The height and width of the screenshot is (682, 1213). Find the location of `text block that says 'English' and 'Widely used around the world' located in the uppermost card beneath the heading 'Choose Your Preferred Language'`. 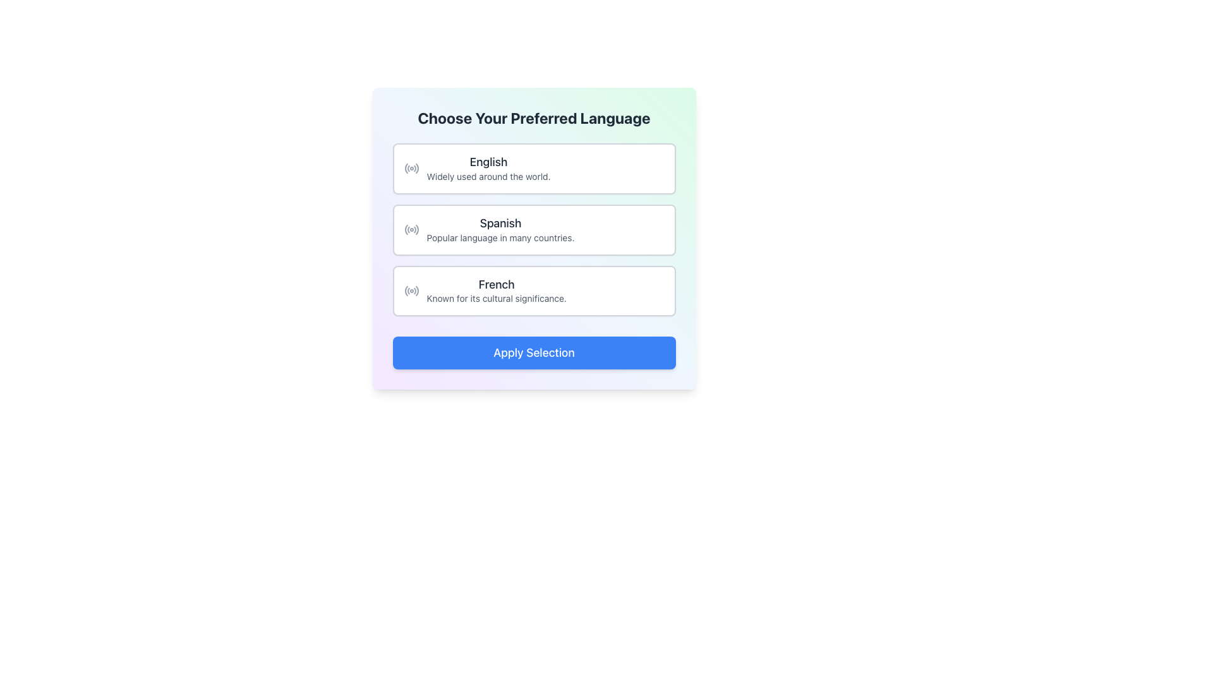

text block that says 'English' and 'Widely used around the world' located in the uppermost card beneath the heading 'Choose Your Preferred Language' is located at coordinates (488, 168).